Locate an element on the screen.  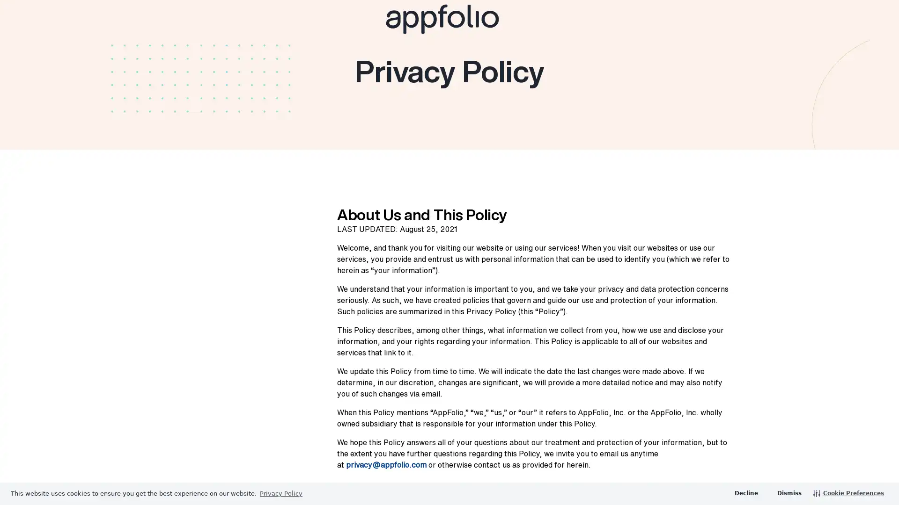
deny cookies is located at coordinates (745, 493).